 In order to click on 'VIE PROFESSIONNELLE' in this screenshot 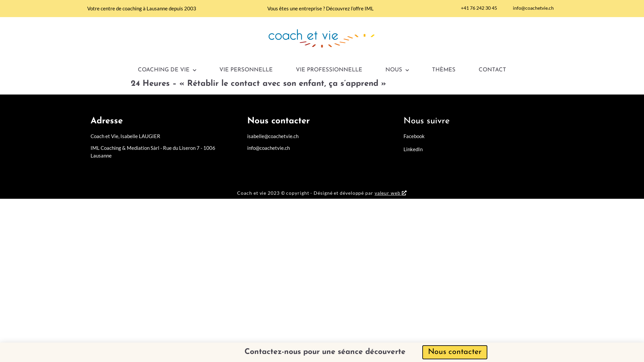, I will do `click(296, 70)`.